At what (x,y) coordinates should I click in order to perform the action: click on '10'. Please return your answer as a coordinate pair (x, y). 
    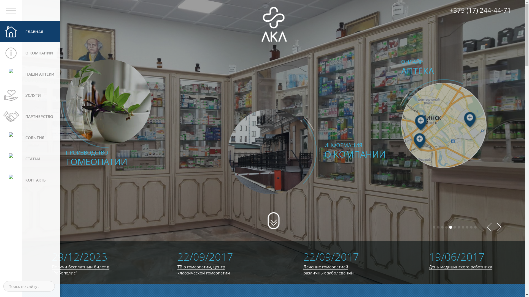
    Looking at the image, I should click on (471, 227).